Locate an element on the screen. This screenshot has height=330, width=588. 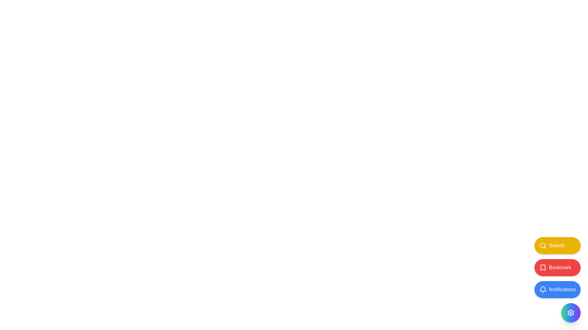
the textual label inside the yellow 'Search' button, which indicates its functionality as a search trigger is located at coordinates (557, 245).